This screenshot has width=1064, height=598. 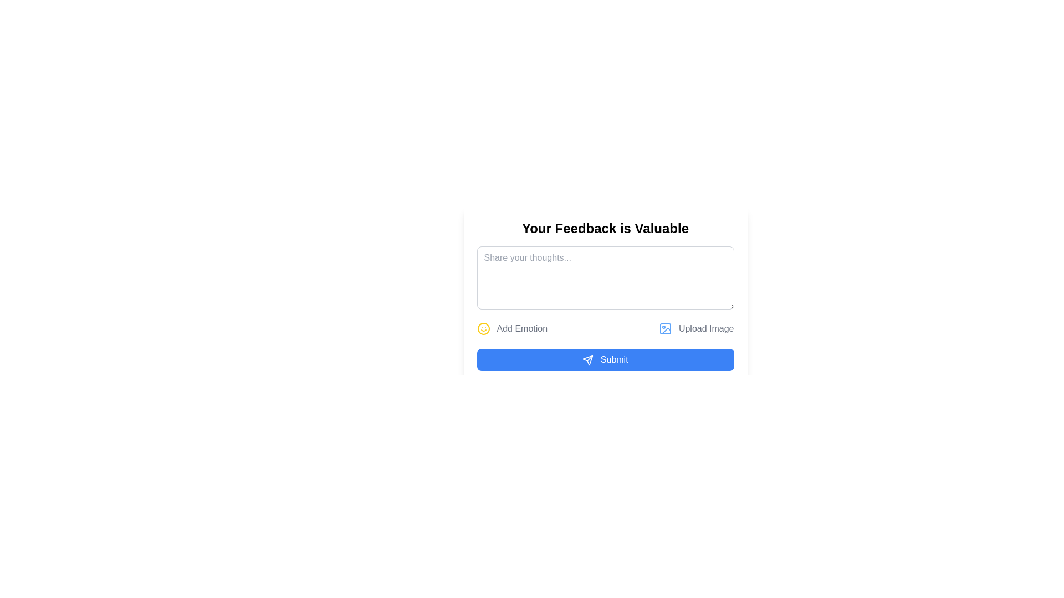 What do you see at coordinates (587, 360) in the screenshot?
I see `the sending action icon located to the left of the 'Submit' text within the blue button at the bottom center of the interface` at bounding box center [587, 360].